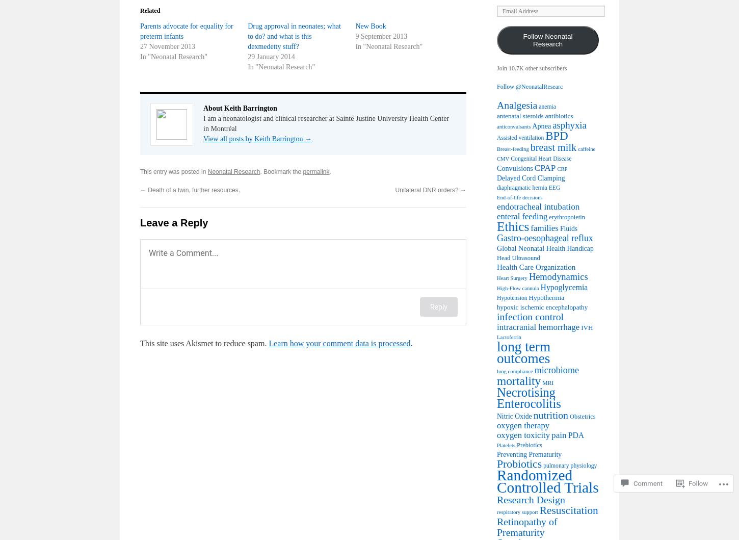  What do you see at coordinates (315, 171) in the screenshot?
I see `'permalink'` at bounding box center [315, 171].